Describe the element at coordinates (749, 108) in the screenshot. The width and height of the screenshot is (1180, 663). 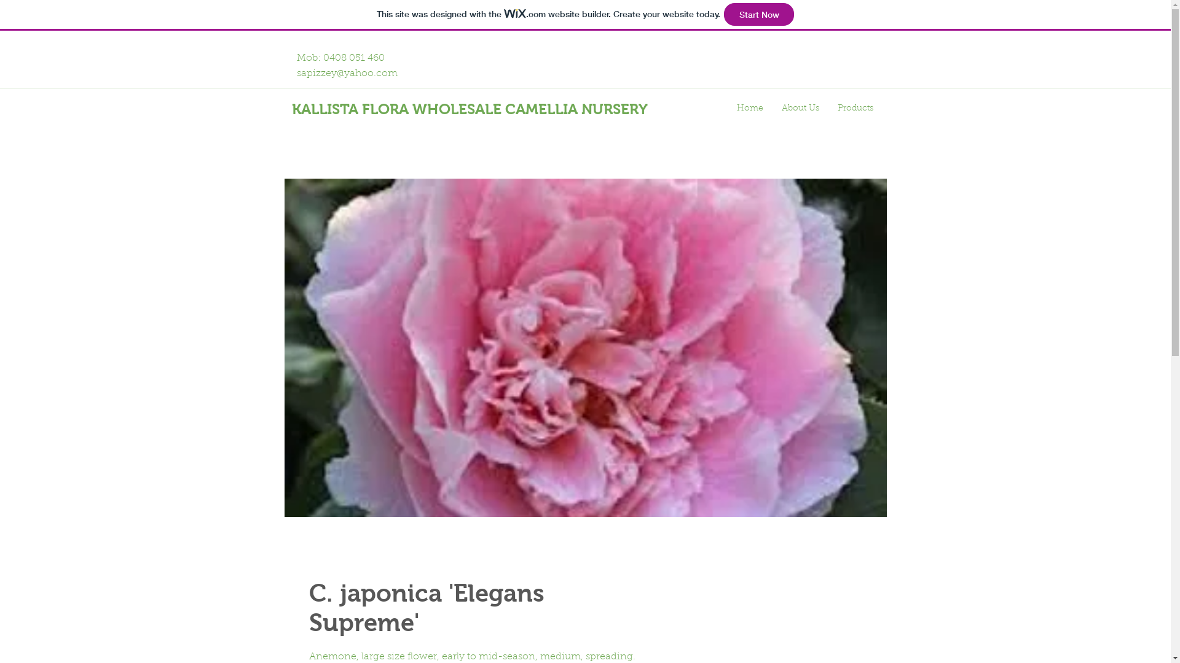
I see `'Home'` at that location.